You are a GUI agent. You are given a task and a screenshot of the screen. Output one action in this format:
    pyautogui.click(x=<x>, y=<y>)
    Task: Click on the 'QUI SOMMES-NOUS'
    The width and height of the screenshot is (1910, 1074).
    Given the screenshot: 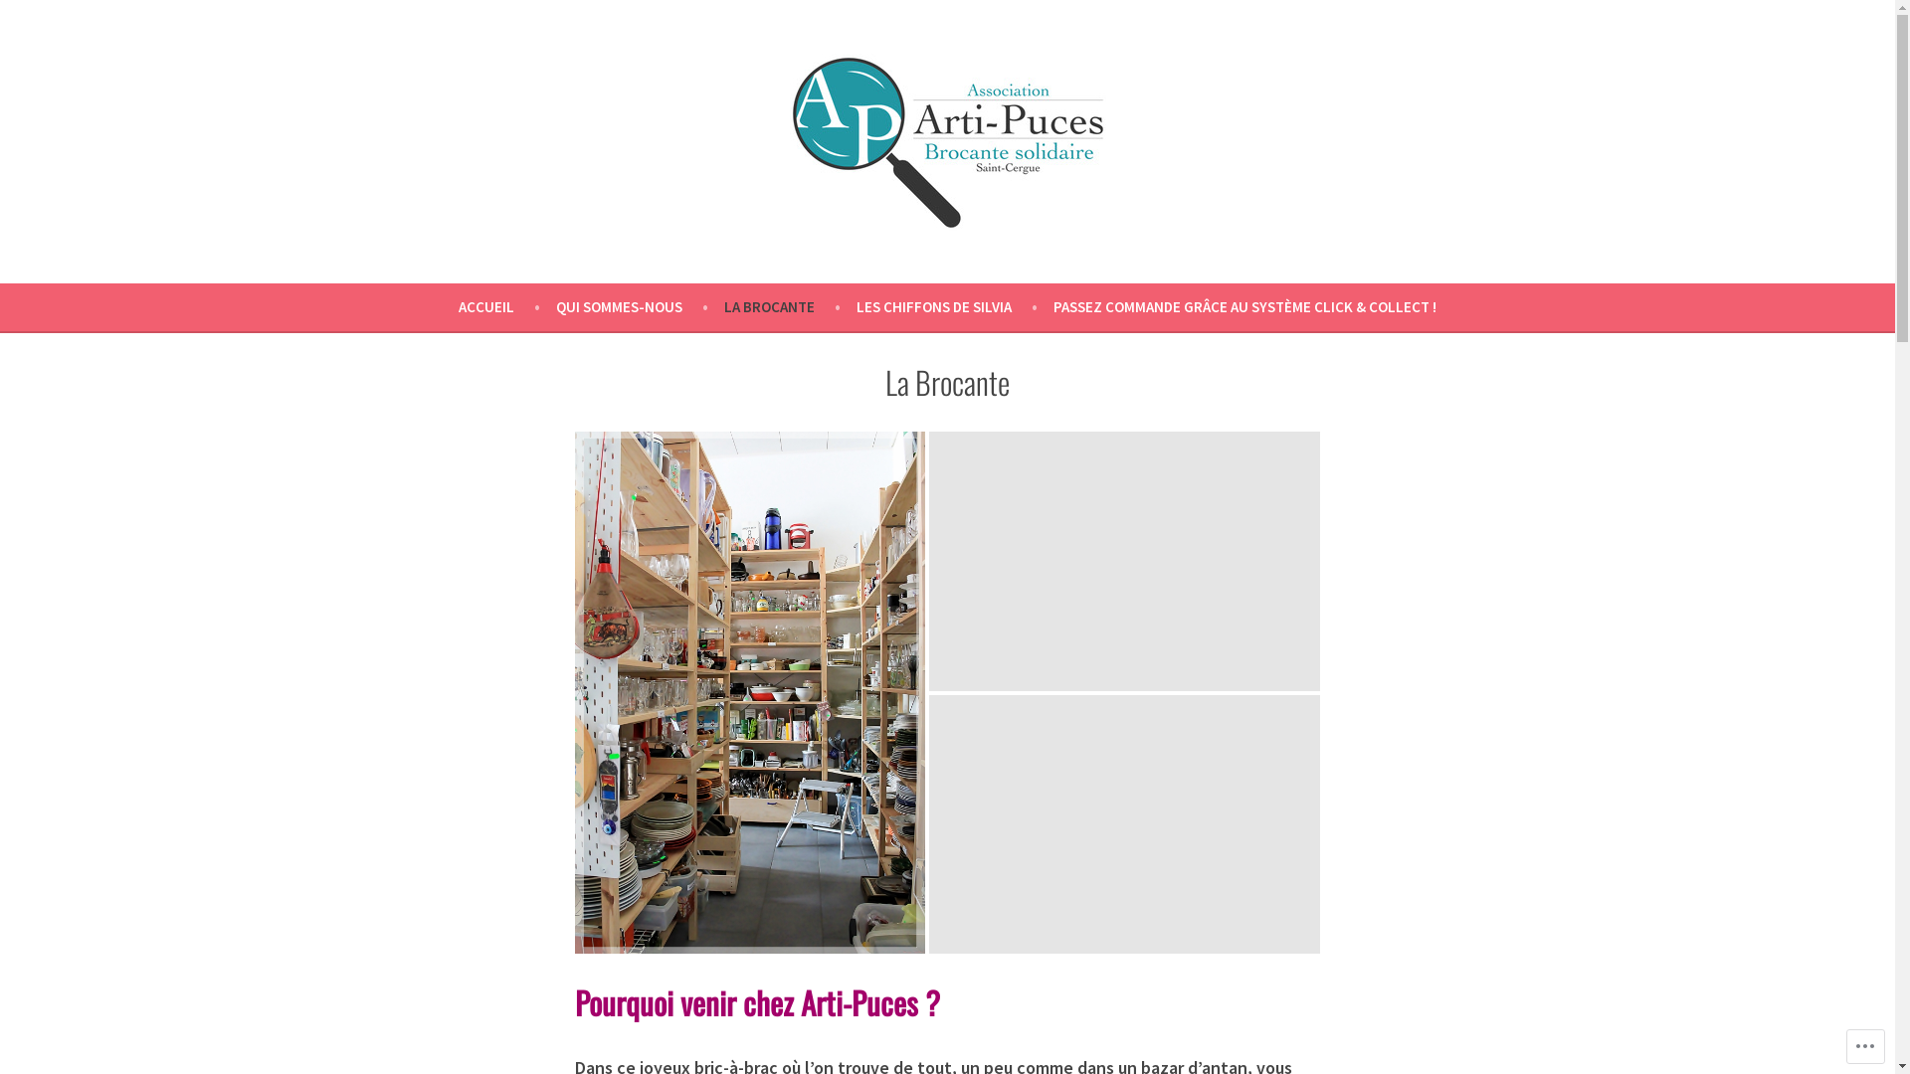 What is the action you would take?
    pyautogui.click(x=640, y=306)
    